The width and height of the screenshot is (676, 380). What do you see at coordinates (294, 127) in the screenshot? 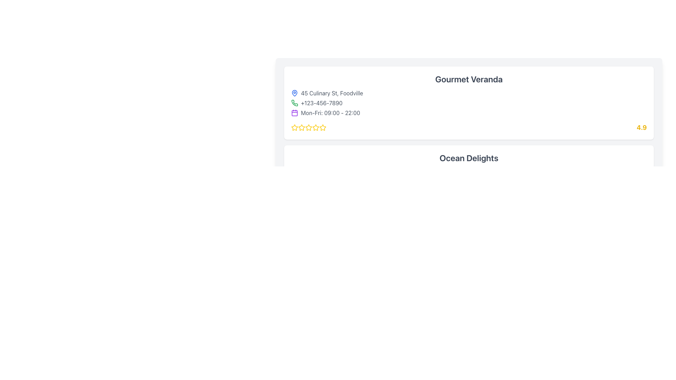
I see `the first rating star icon with a hollow center and yellow border, located at the bottom of the 'Gourmet Veranda' box` at bounding box center [294, 127].